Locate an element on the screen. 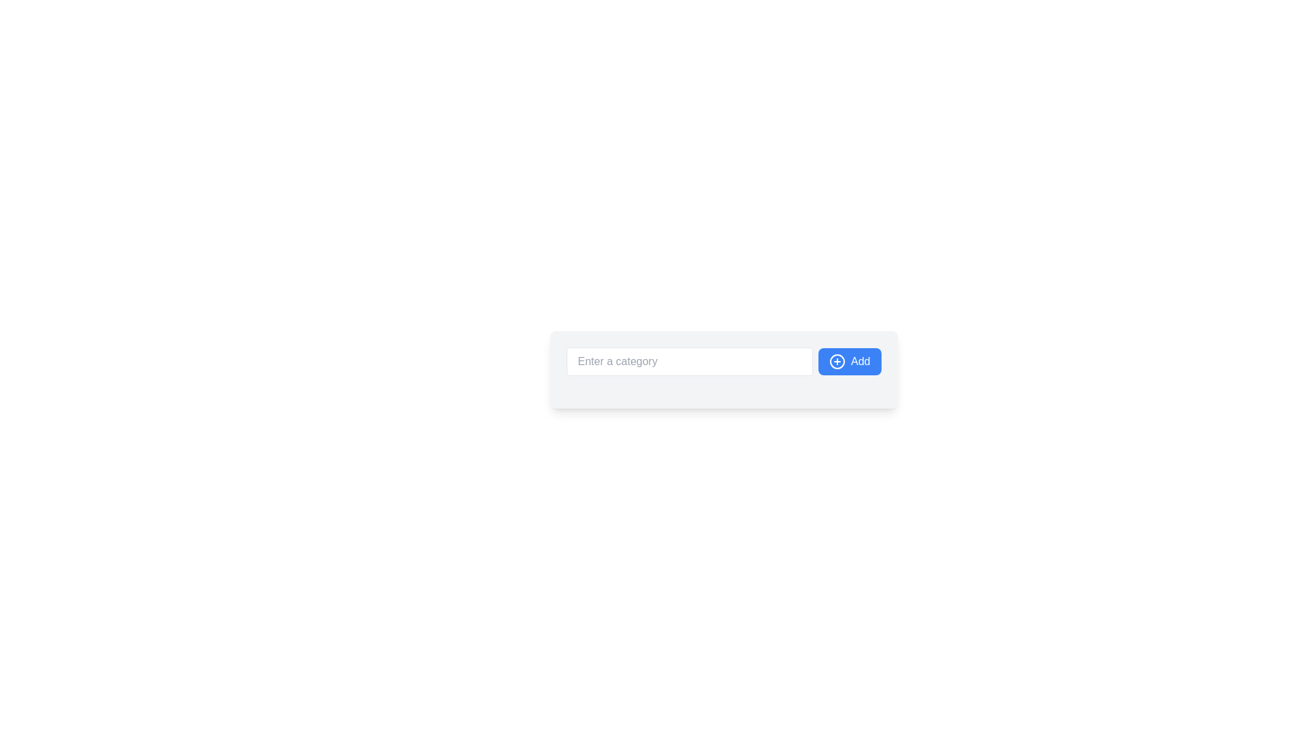 The image size is (1303, 733). the circular '+' icon located on the left side of the 'Add' text within the blue 'Add' button is located at coordinates (836, 360).